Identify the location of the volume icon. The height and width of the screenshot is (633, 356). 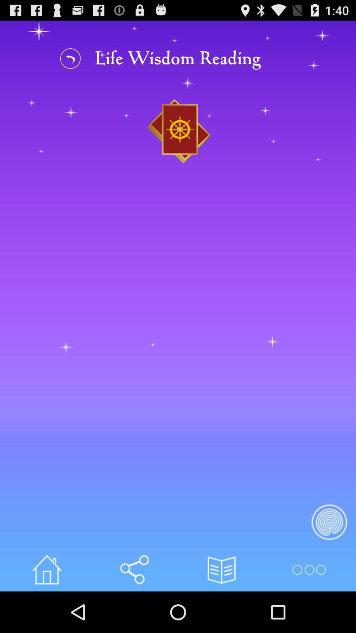
(134, 609).